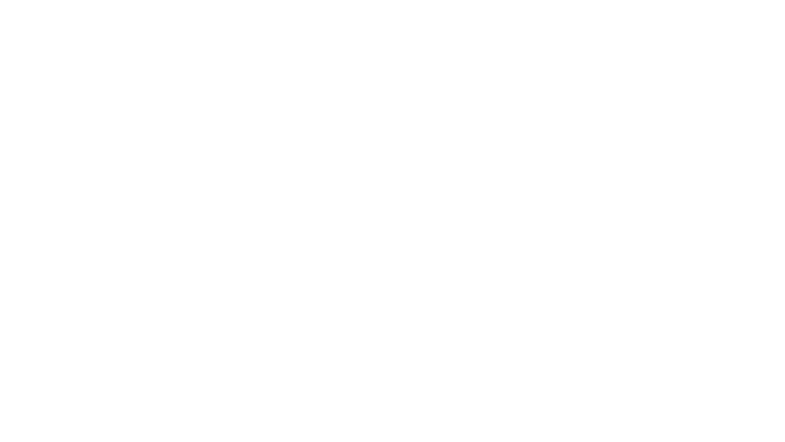  What do you see at coordinates (30, 203) in the screenshot?
I see `Play` at bounding box center [30, 203].